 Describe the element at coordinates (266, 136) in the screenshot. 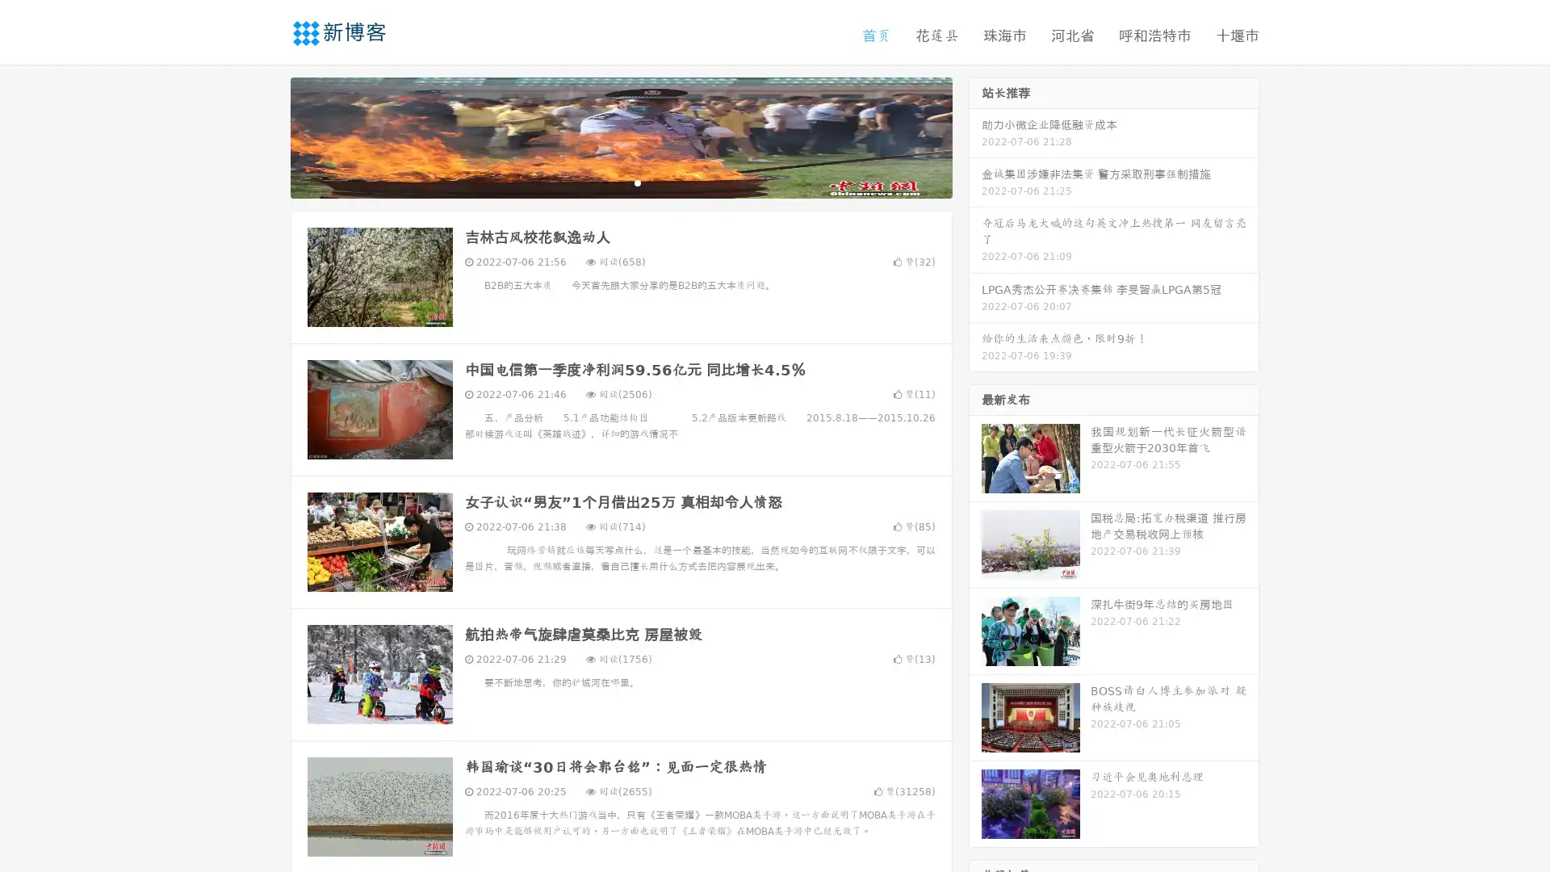

I see `Previous slide` at that location.